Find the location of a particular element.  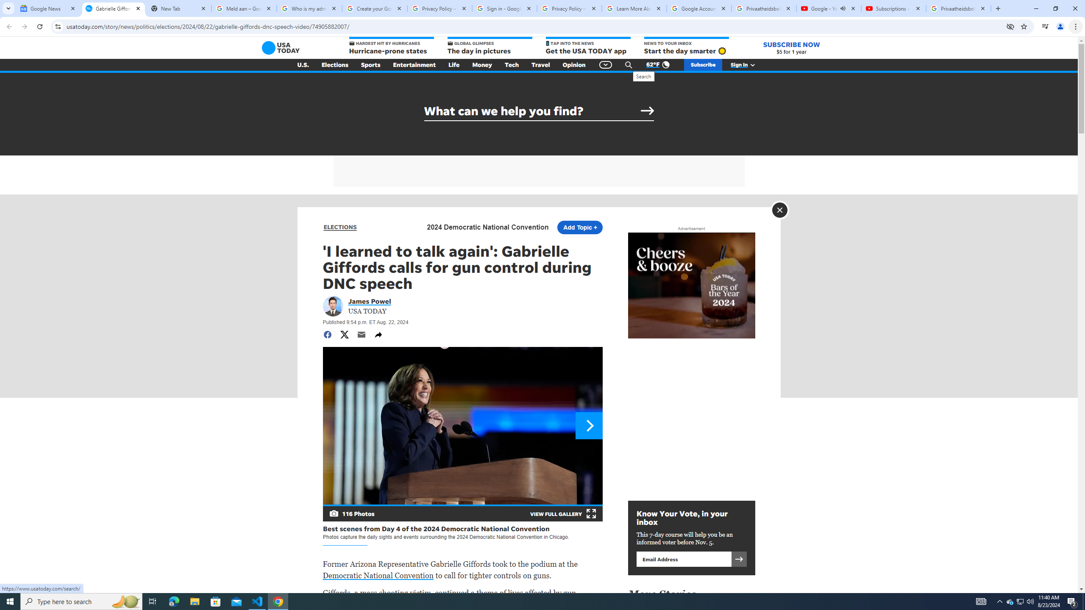

'Search query' is located at coordinates (539, 111).